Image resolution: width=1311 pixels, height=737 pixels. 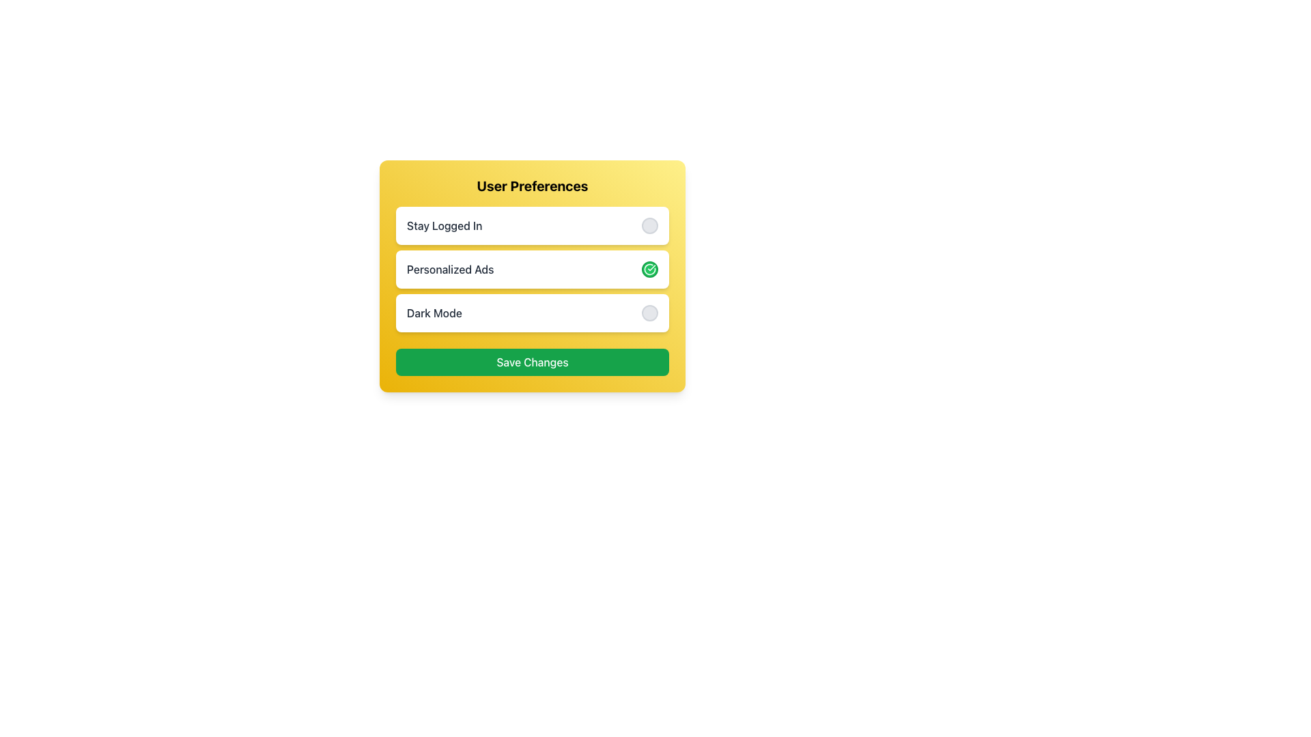 I want to click on the circular icon with a green background and white check mark, located in the second row of the preference toggle list next, so click(x=649, y=269).